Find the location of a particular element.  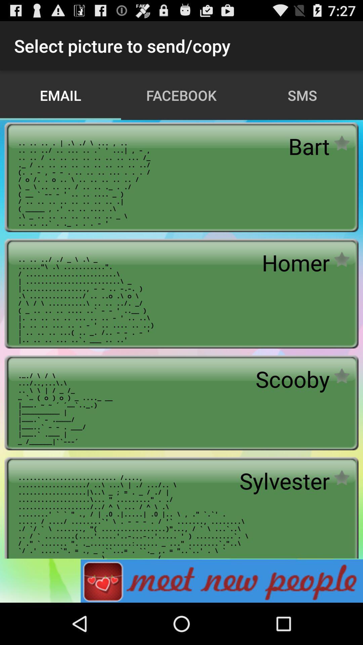

icon below the homer item is located at coordinates (292, 379).